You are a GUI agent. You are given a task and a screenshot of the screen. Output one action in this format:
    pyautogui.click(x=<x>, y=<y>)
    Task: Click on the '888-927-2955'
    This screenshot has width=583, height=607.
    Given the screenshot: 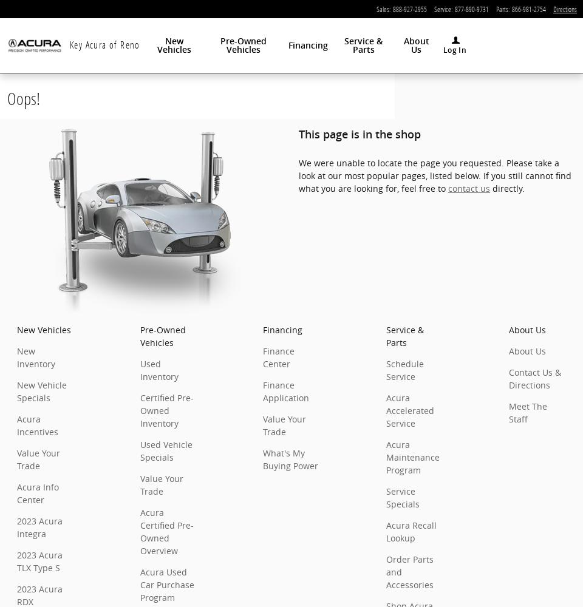 What is the action you would take?
    pyautogui.click(x=409, y=9)
    